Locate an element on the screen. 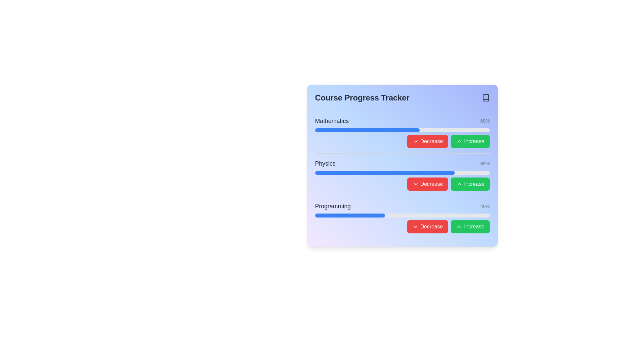  the upward-pointing chevron icon with a green background inside the 'Increase' button located at the far-right end of the Mathematics row in the progress tracker is located at coordinates (459, 141).